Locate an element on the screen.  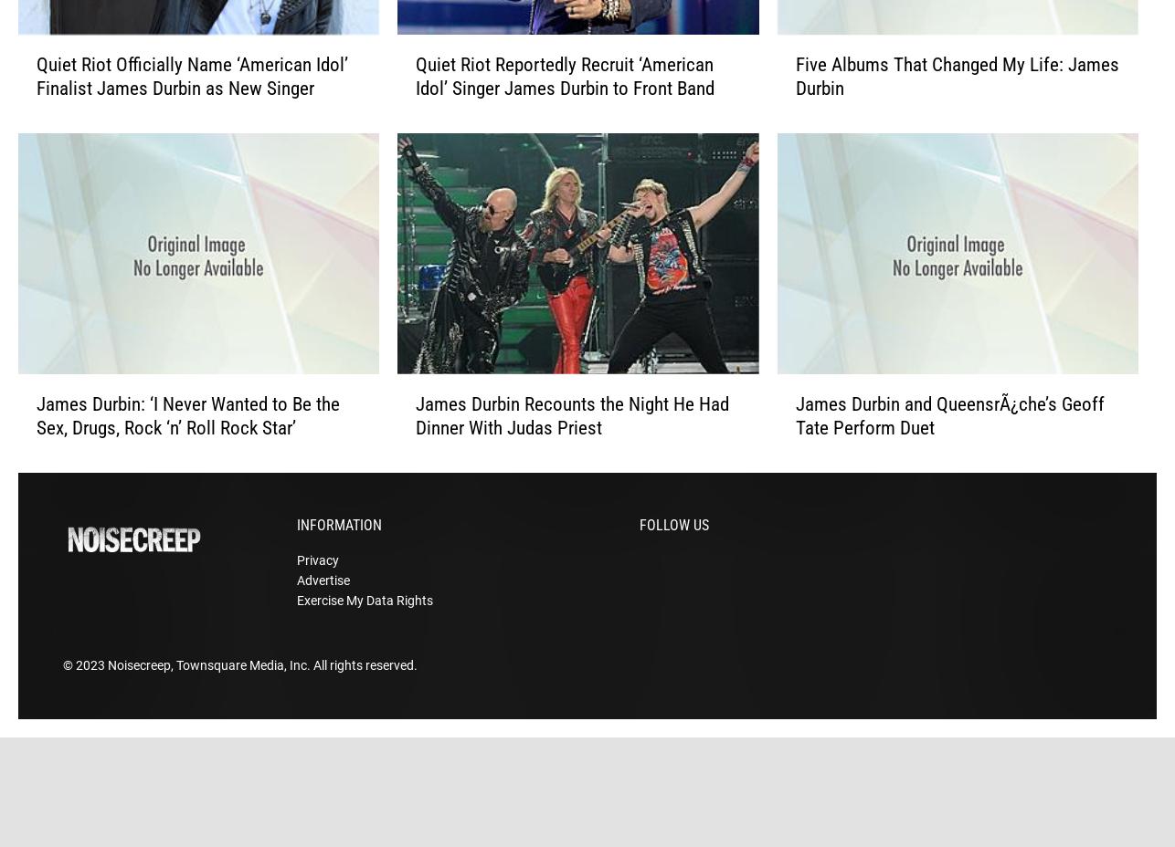
'Noisecreep' is located at coordinates (108, 693).